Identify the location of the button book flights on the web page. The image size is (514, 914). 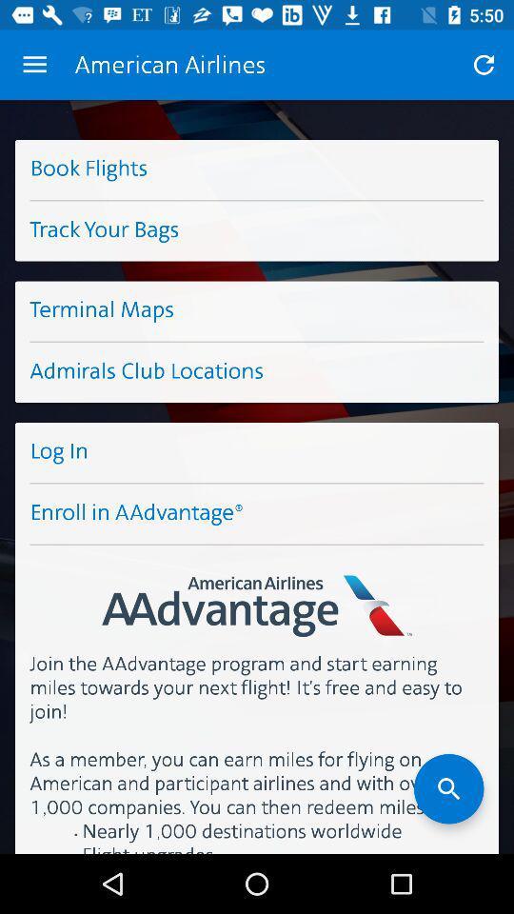
(257, 169).